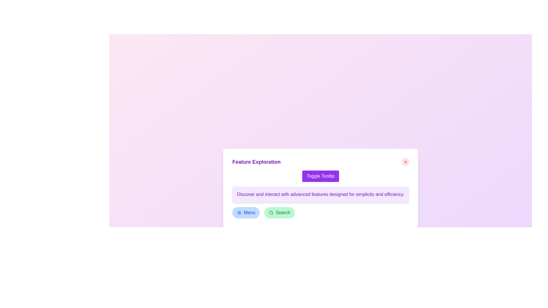  What do you see at coordinates (321, 194) in the screenshot?
I see `the text block displaying 'Discover and interact with advanced features designed for simplicity and efficiency.'` at bounding box center [321, 194].